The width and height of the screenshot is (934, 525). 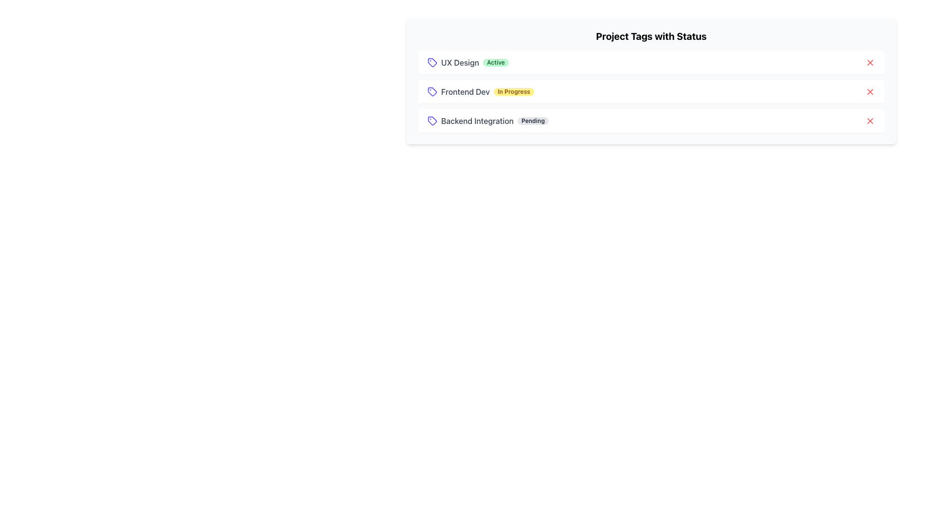 What do you see at coordinates (496, 62) in the screenshot?
I see `the 'Active' status badge located next to the 'UX Design' project title, which indicates the project's current state` at bounding box center [496, 62].